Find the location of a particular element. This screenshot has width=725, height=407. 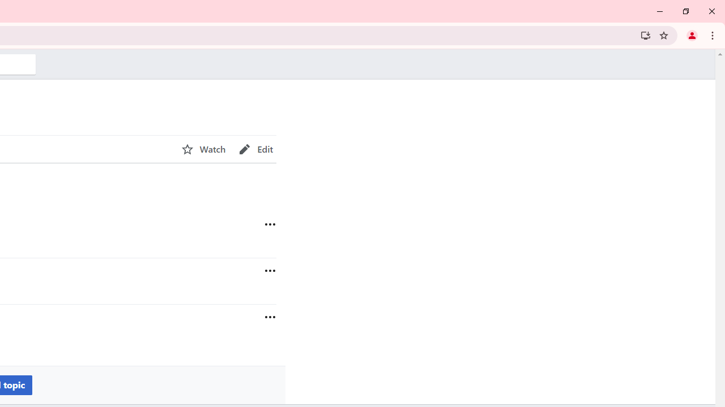

'AutomationID: page-actions-watch' is located at coordinates (203, 149).